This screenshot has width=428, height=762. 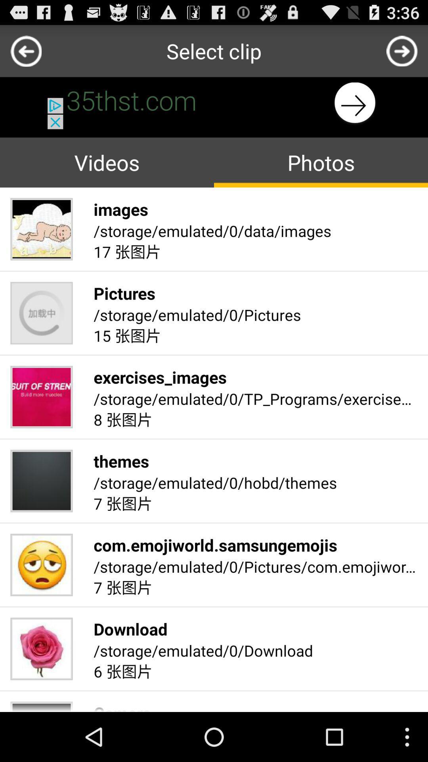 What do you see at coordinates (25, 50) in the screenshot?
I see `go back` at bounding box center [25, 50].